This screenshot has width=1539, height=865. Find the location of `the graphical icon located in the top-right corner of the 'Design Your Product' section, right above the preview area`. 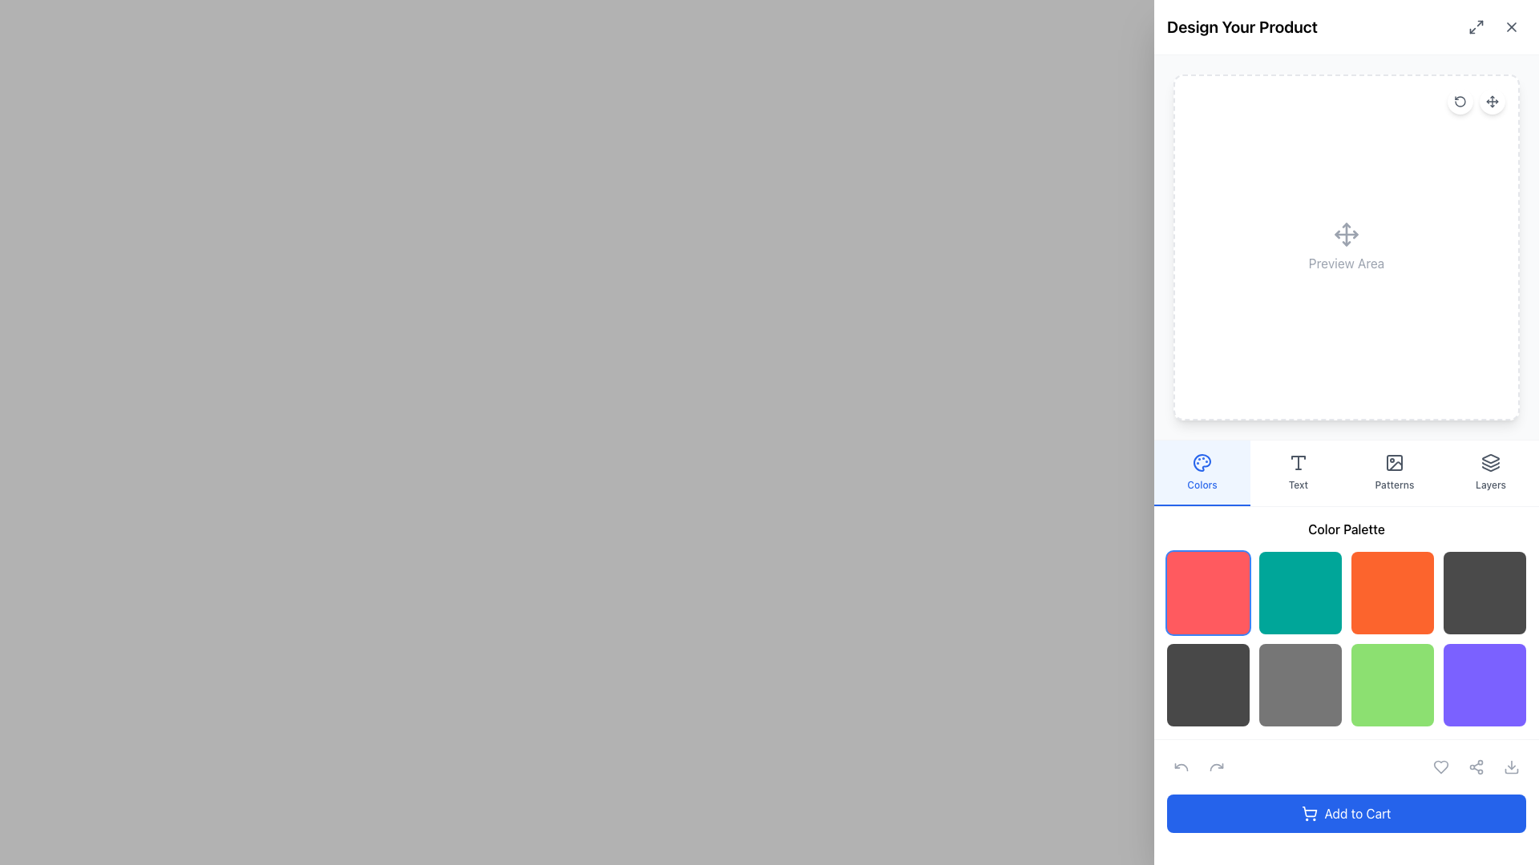

the graphical icon located in the top-right corner of the 'Design Your Product' section, right above the preview area is located at coordinates (1460, 102).